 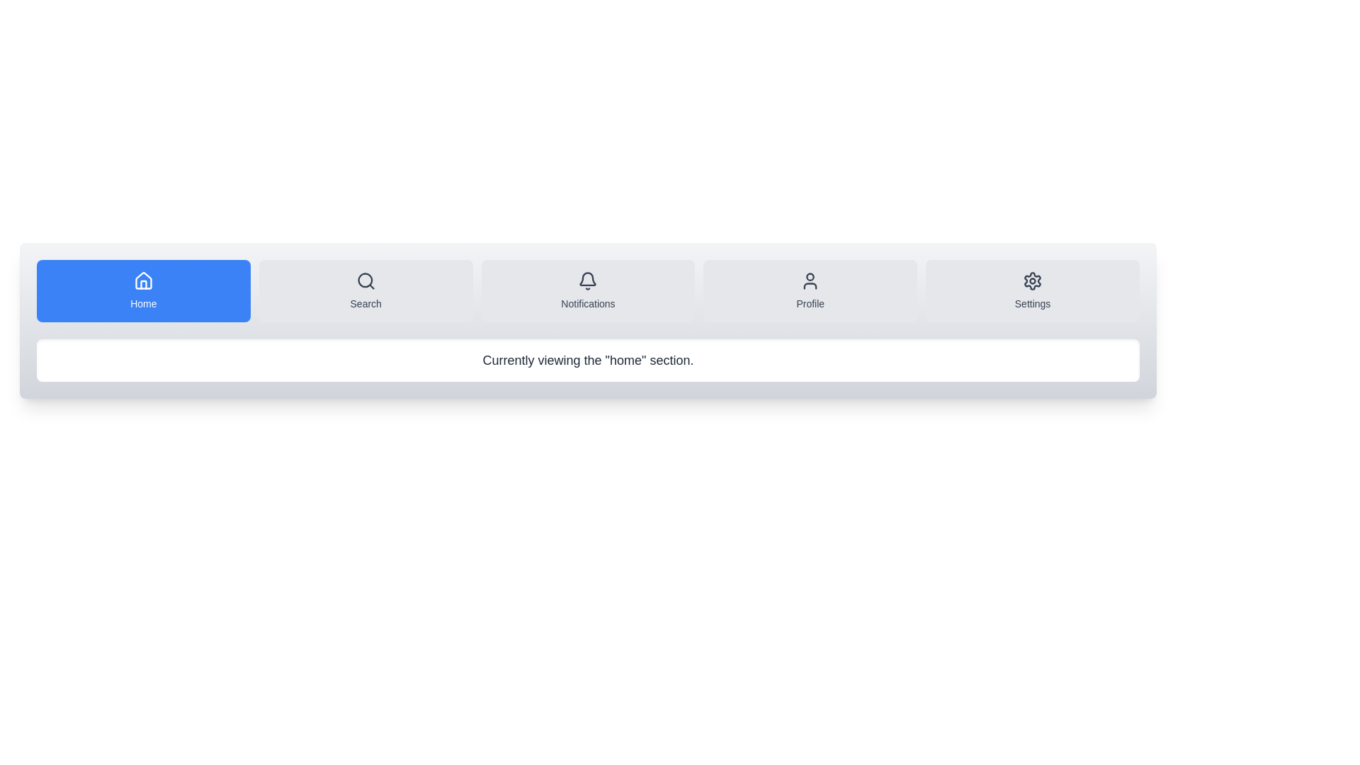 I want to click on the blue 'Home' button with a house icon to observe its hover effect, so click(x=143, y=290).